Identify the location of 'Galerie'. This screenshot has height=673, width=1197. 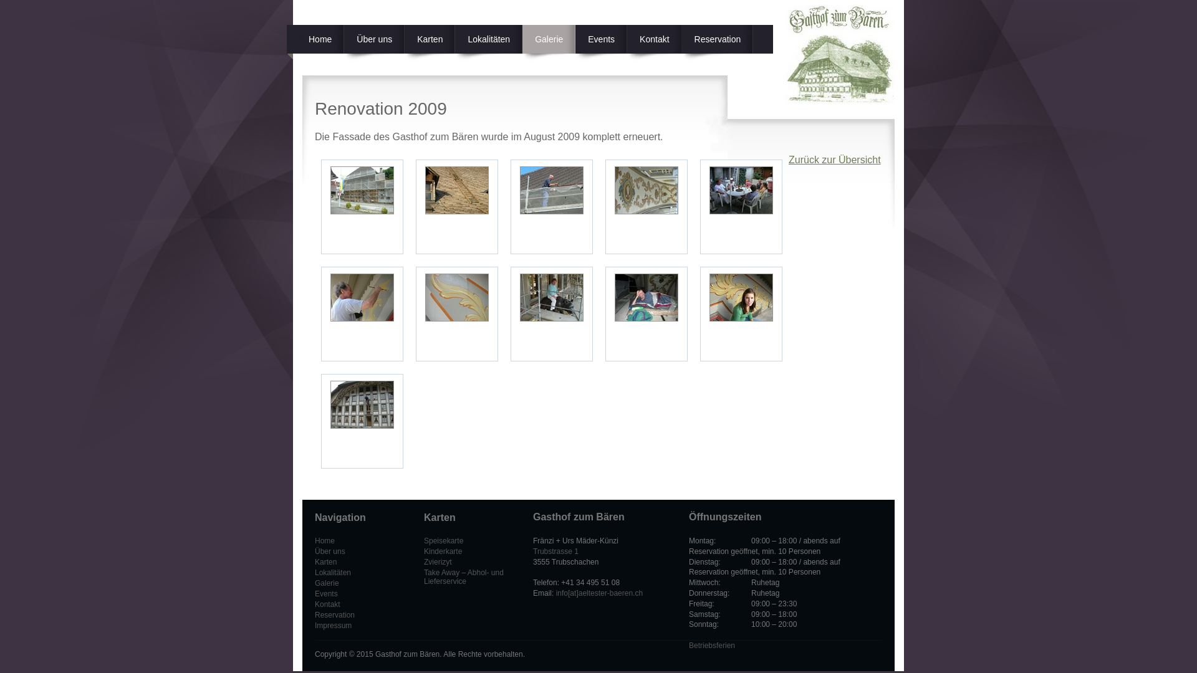
(549, 42).